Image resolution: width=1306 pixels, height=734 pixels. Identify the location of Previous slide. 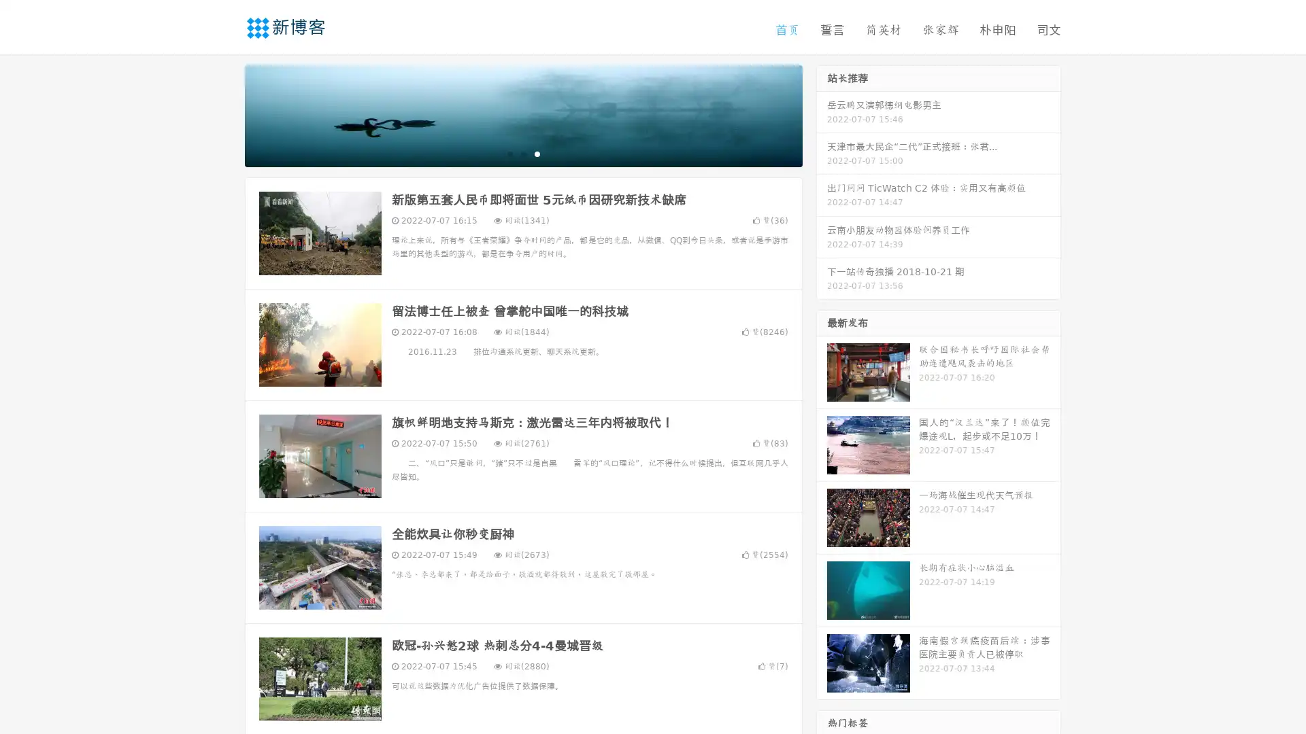
(224, 114).